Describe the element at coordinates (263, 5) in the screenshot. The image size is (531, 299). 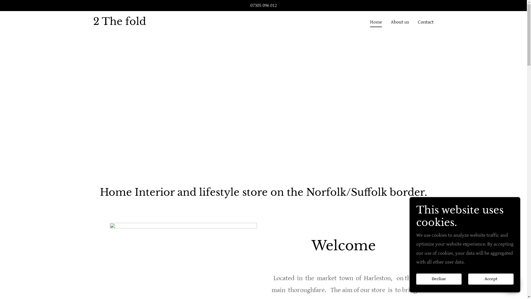
I see `'07305 096 012'` at that location.